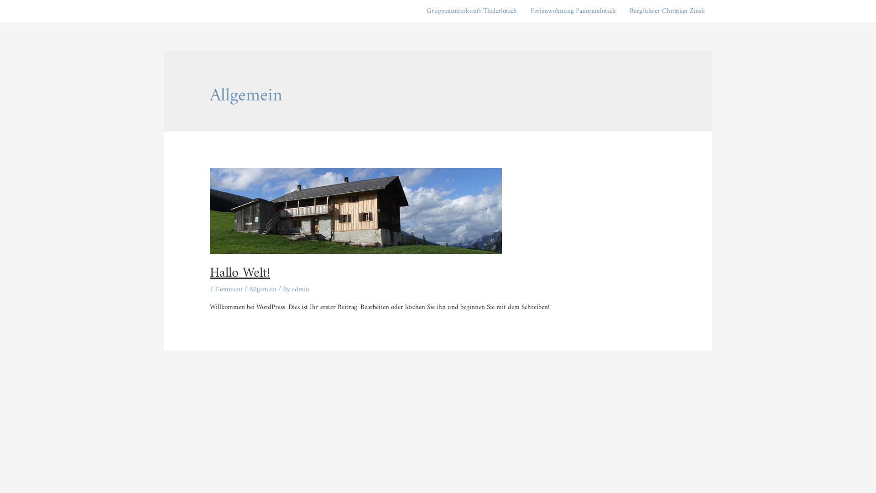  I want to click on 'Ferienwohnung Panoramlotsch', so click(573, 11).